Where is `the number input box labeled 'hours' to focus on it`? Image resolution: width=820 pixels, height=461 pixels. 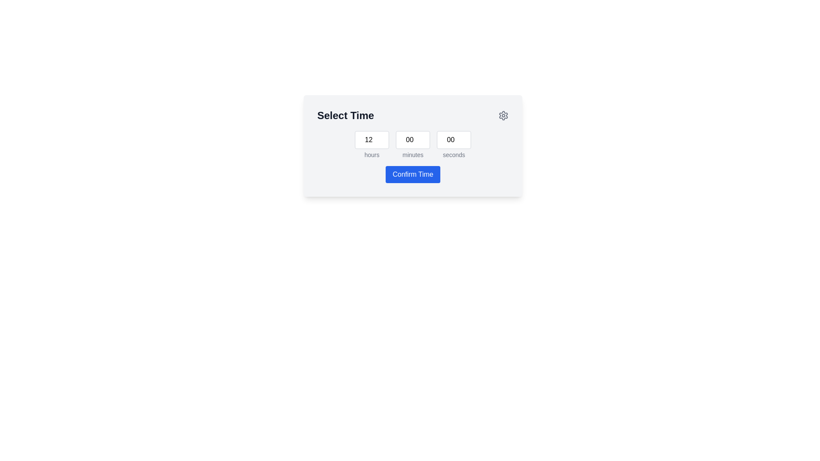 the number input box labeled 'hours' to focus on it is located at coordinates (372, 144).